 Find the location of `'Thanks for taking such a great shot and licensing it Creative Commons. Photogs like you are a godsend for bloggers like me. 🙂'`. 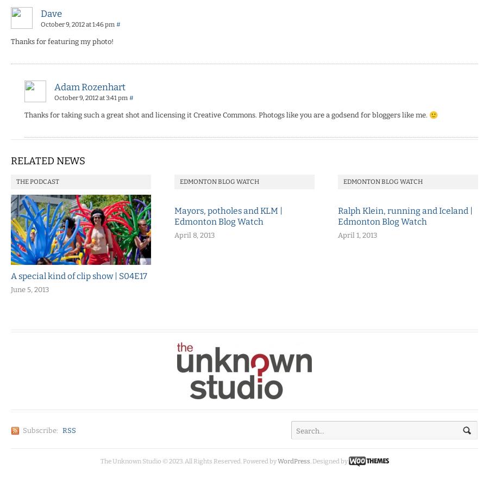

'Thanks for taking such a great shot and licensing it Creative Commons. Photogs like you are a godsend for bloggers like me. 🙂' is located at coordinates (231, 114).